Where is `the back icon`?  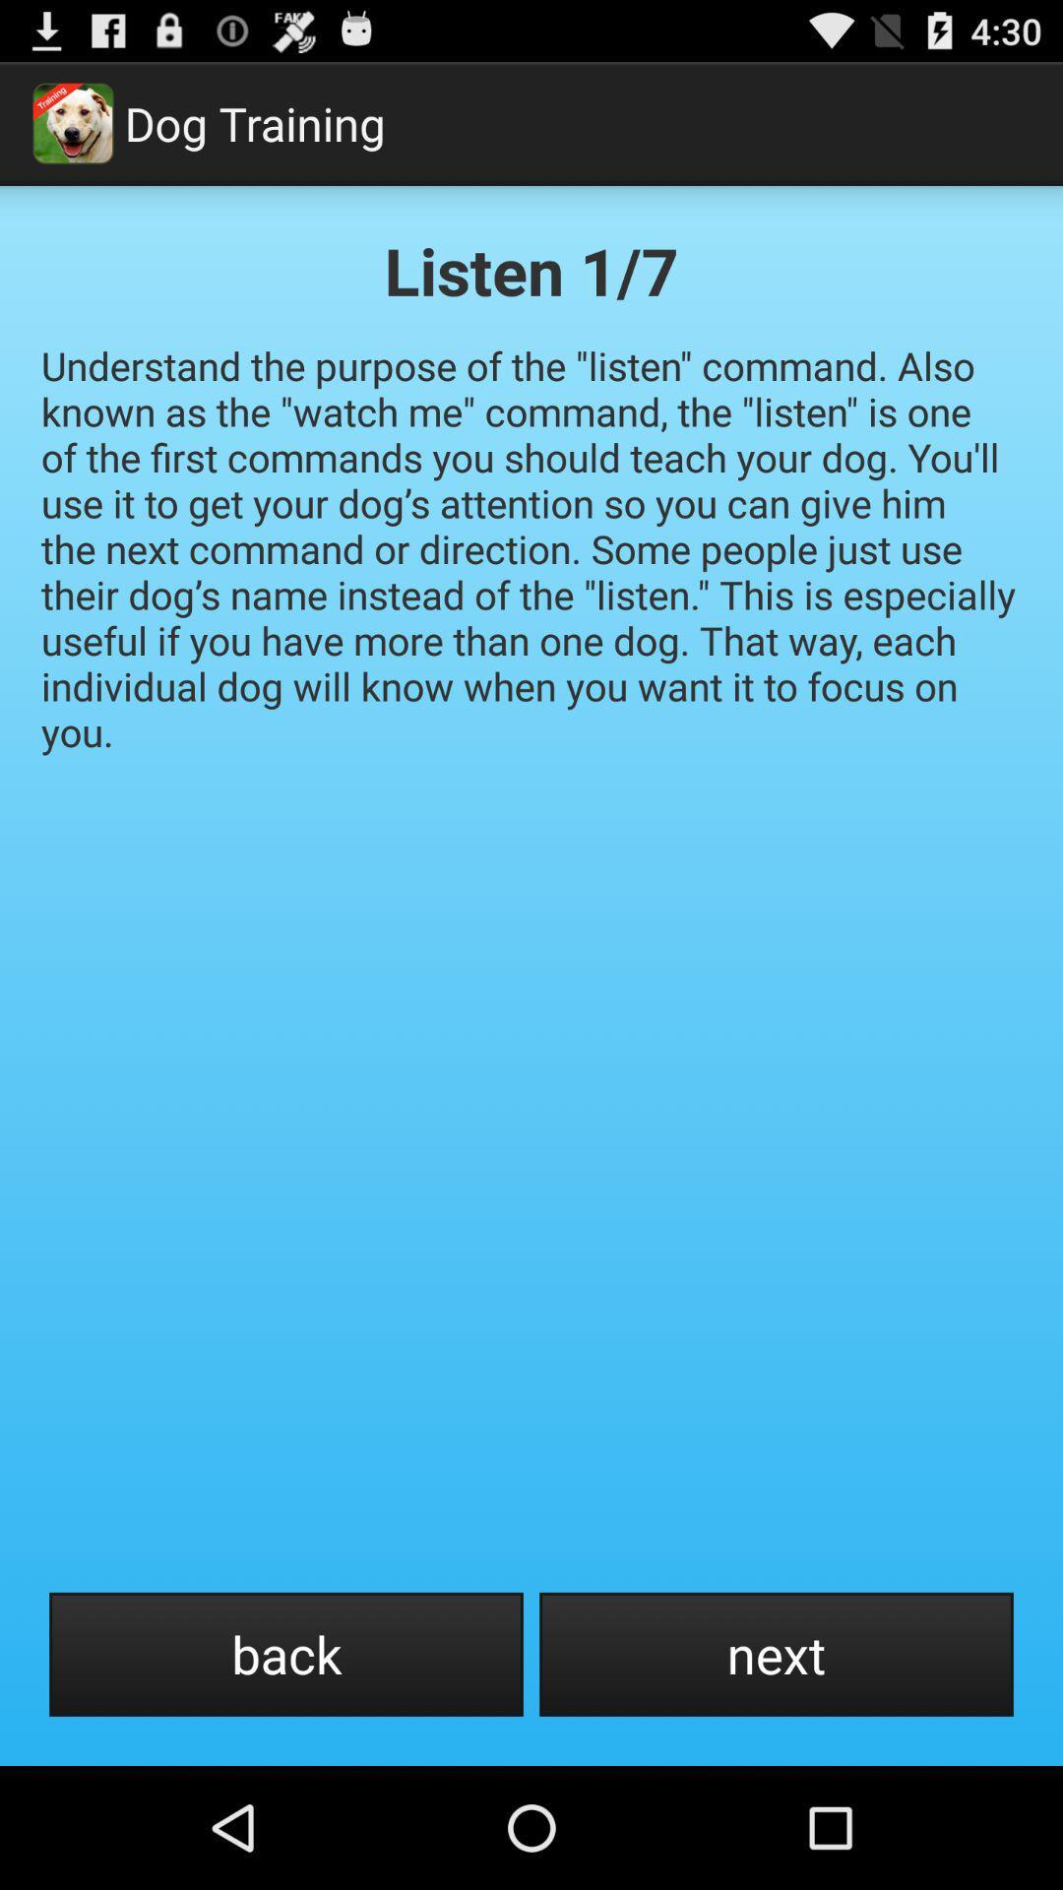 the back icon is located at coordinates (285, 1654).